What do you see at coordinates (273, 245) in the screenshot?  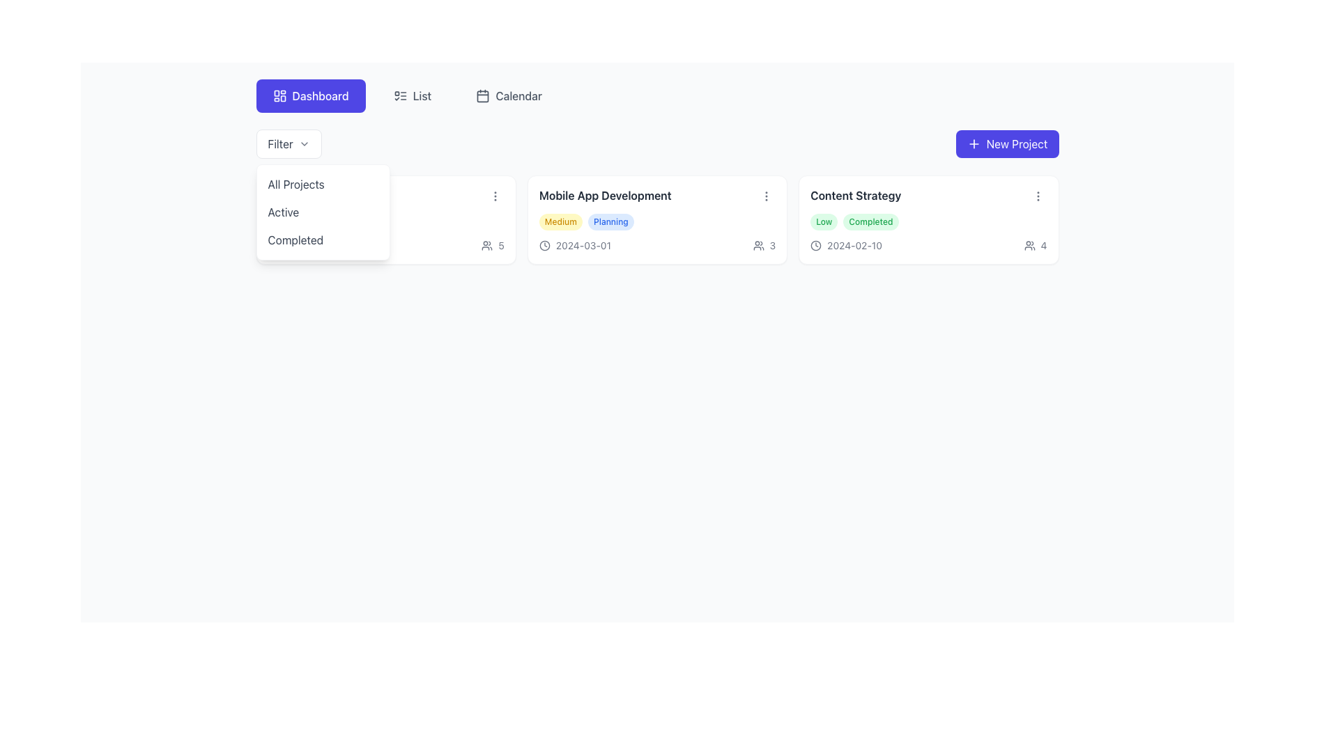 I see `the circular SVG graphical element next to the 'Completed' option in the dropdown list` at bounding box center [273, 245].